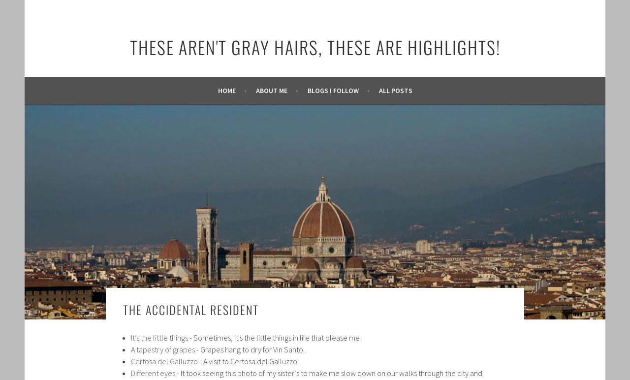  I want to click on 'All posts', so click(395, 90).